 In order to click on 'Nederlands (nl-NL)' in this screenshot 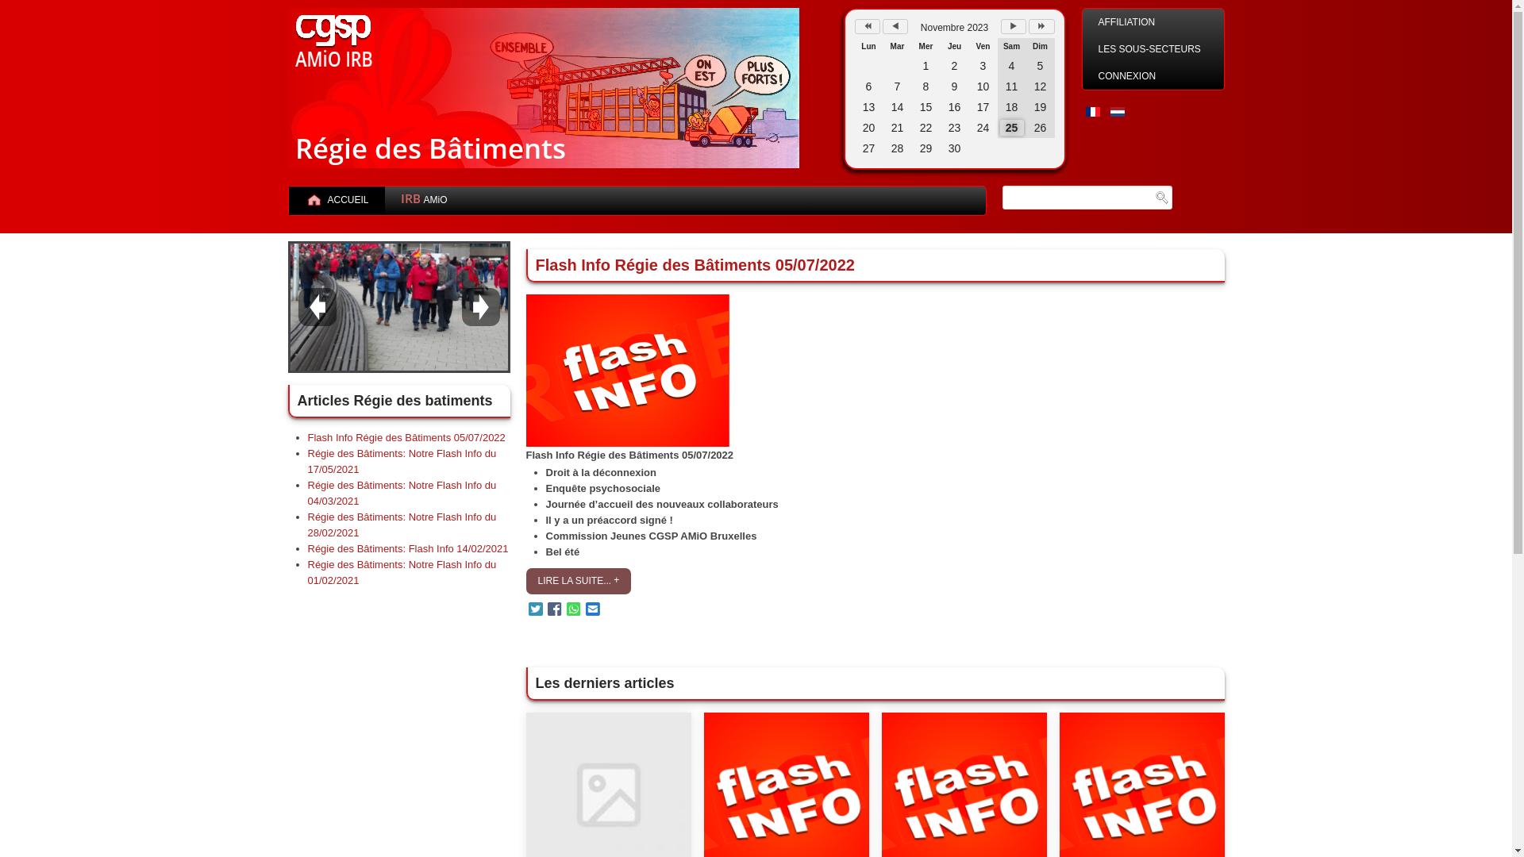, I will do `click(1116, 111)`.